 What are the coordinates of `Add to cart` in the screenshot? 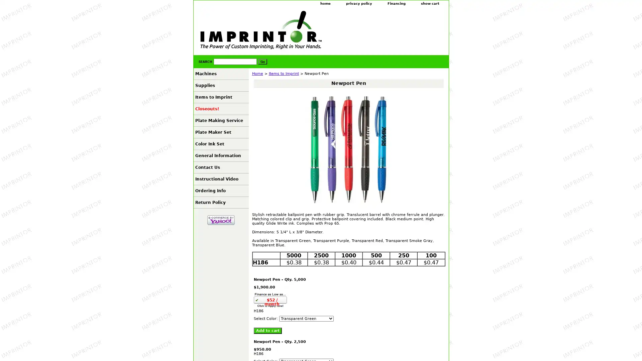 It's located at (267, 330).